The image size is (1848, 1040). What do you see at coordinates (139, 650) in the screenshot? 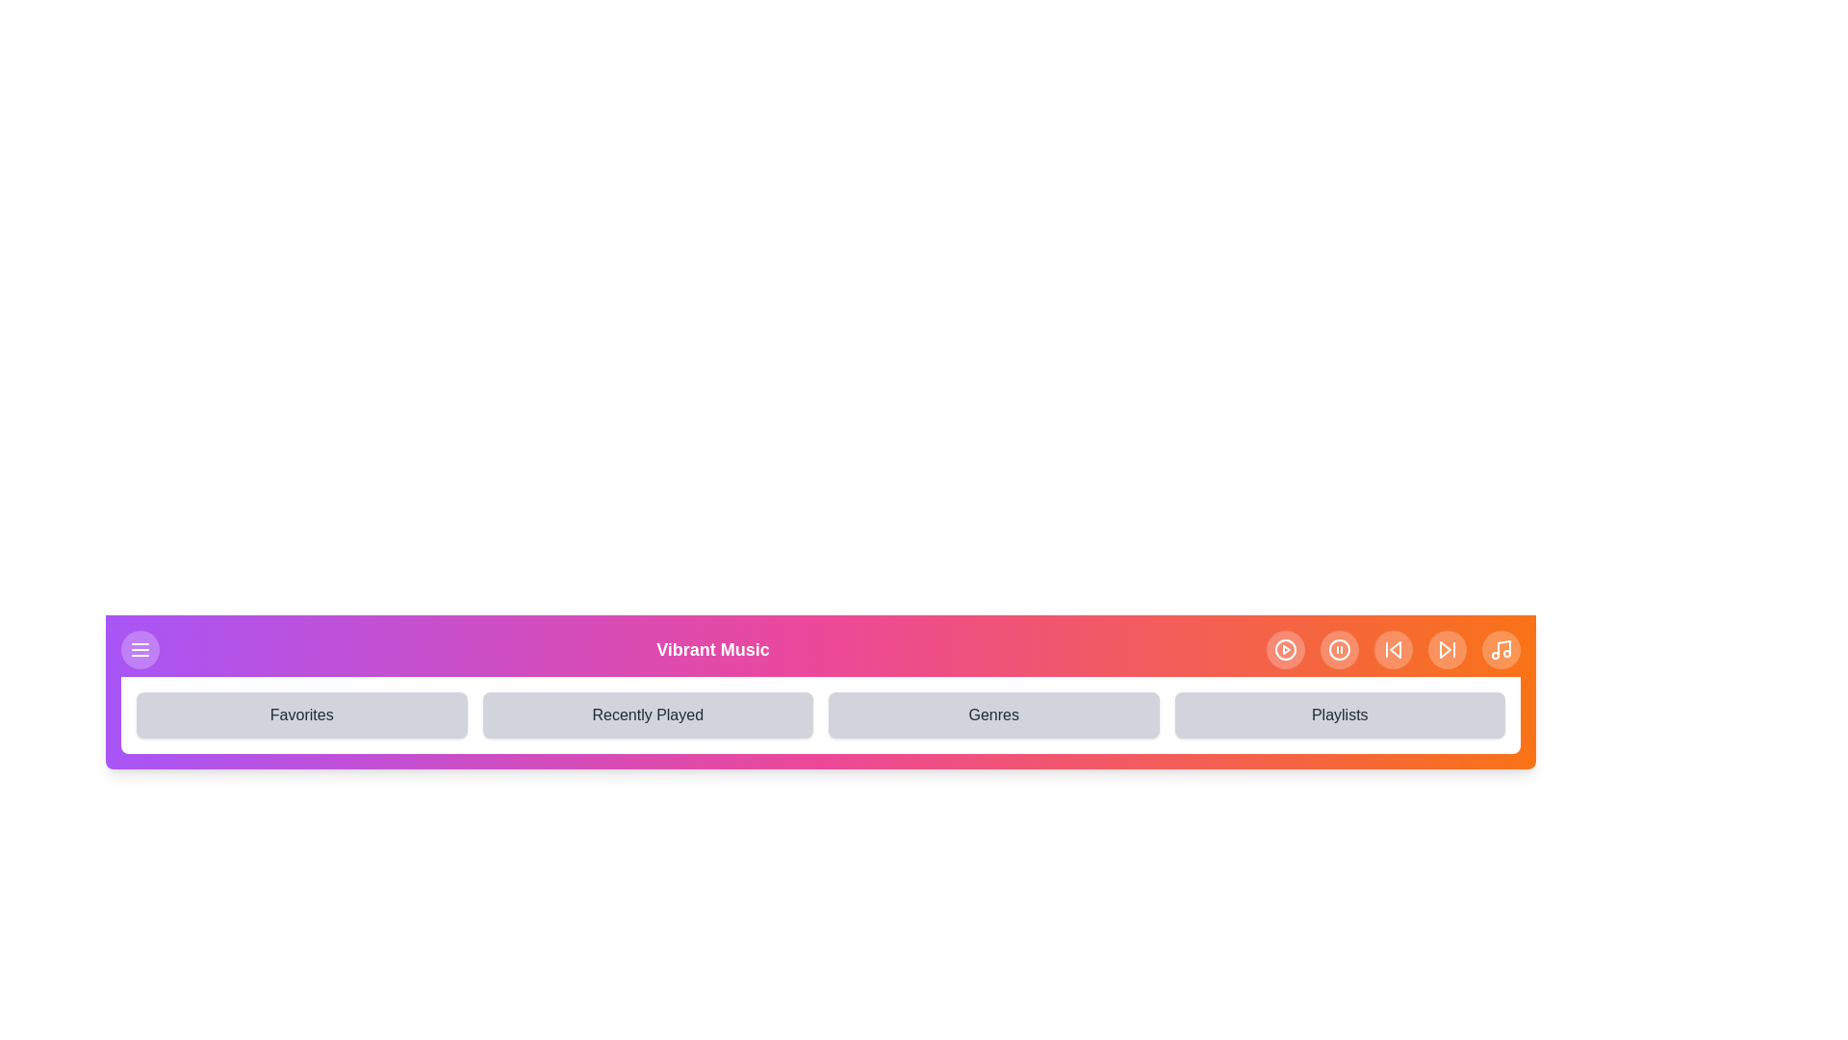
I see `menu toggle button to toggle the menu visibility` at bounding box center [139, 650].